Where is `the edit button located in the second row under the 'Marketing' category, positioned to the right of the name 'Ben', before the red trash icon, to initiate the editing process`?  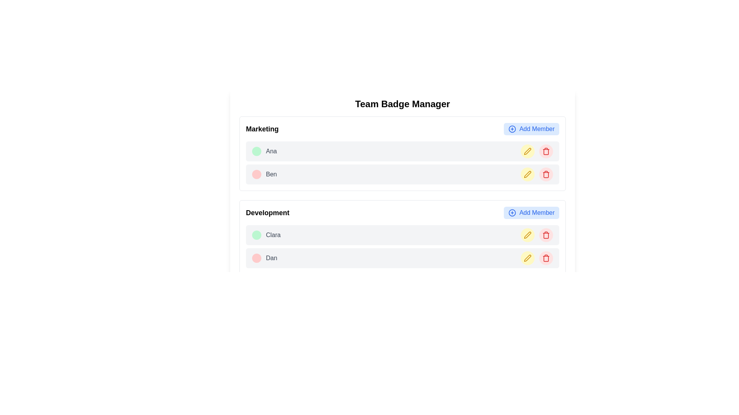 the edit button located in the second row under the 'Marketing' category, positioned to the right of the name 'Ben', before the red trash icon, to initiate the editing process is located at coordinates (527, 174).